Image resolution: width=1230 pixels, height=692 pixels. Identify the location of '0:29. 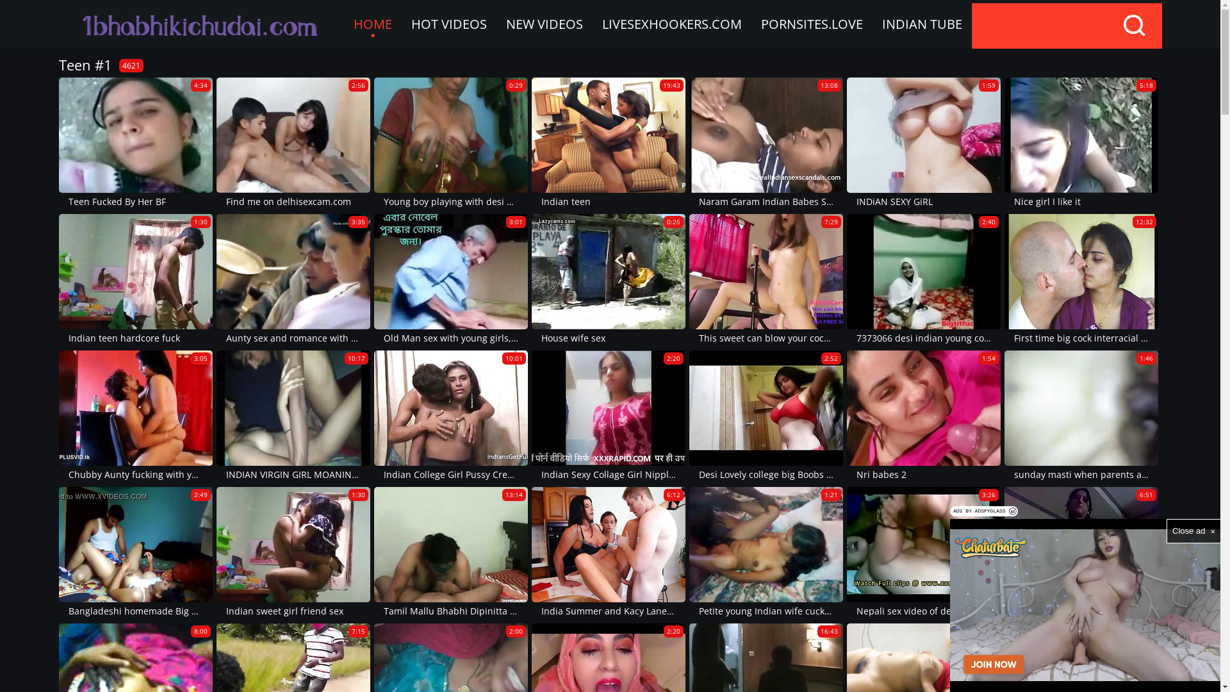
(373, 144).